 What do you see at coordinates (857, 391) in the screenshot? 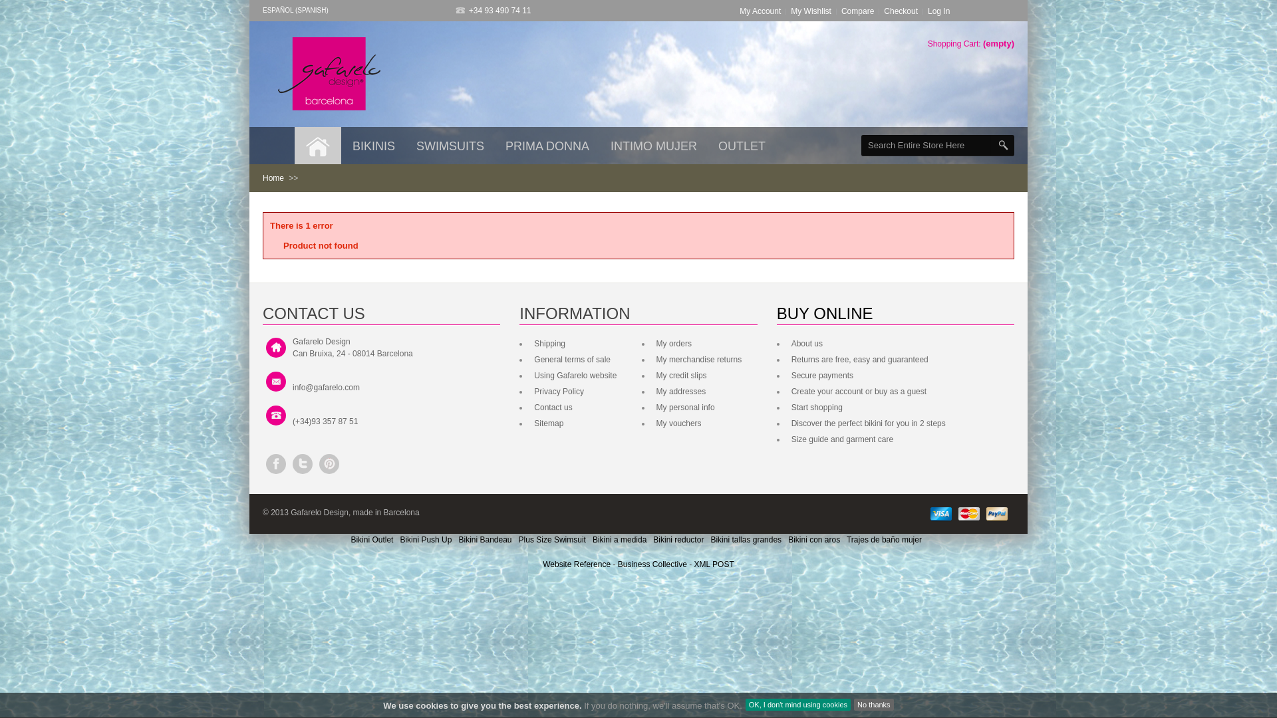
I see `'Create your account or buy as a guest'` at bounding box center [857, 391].